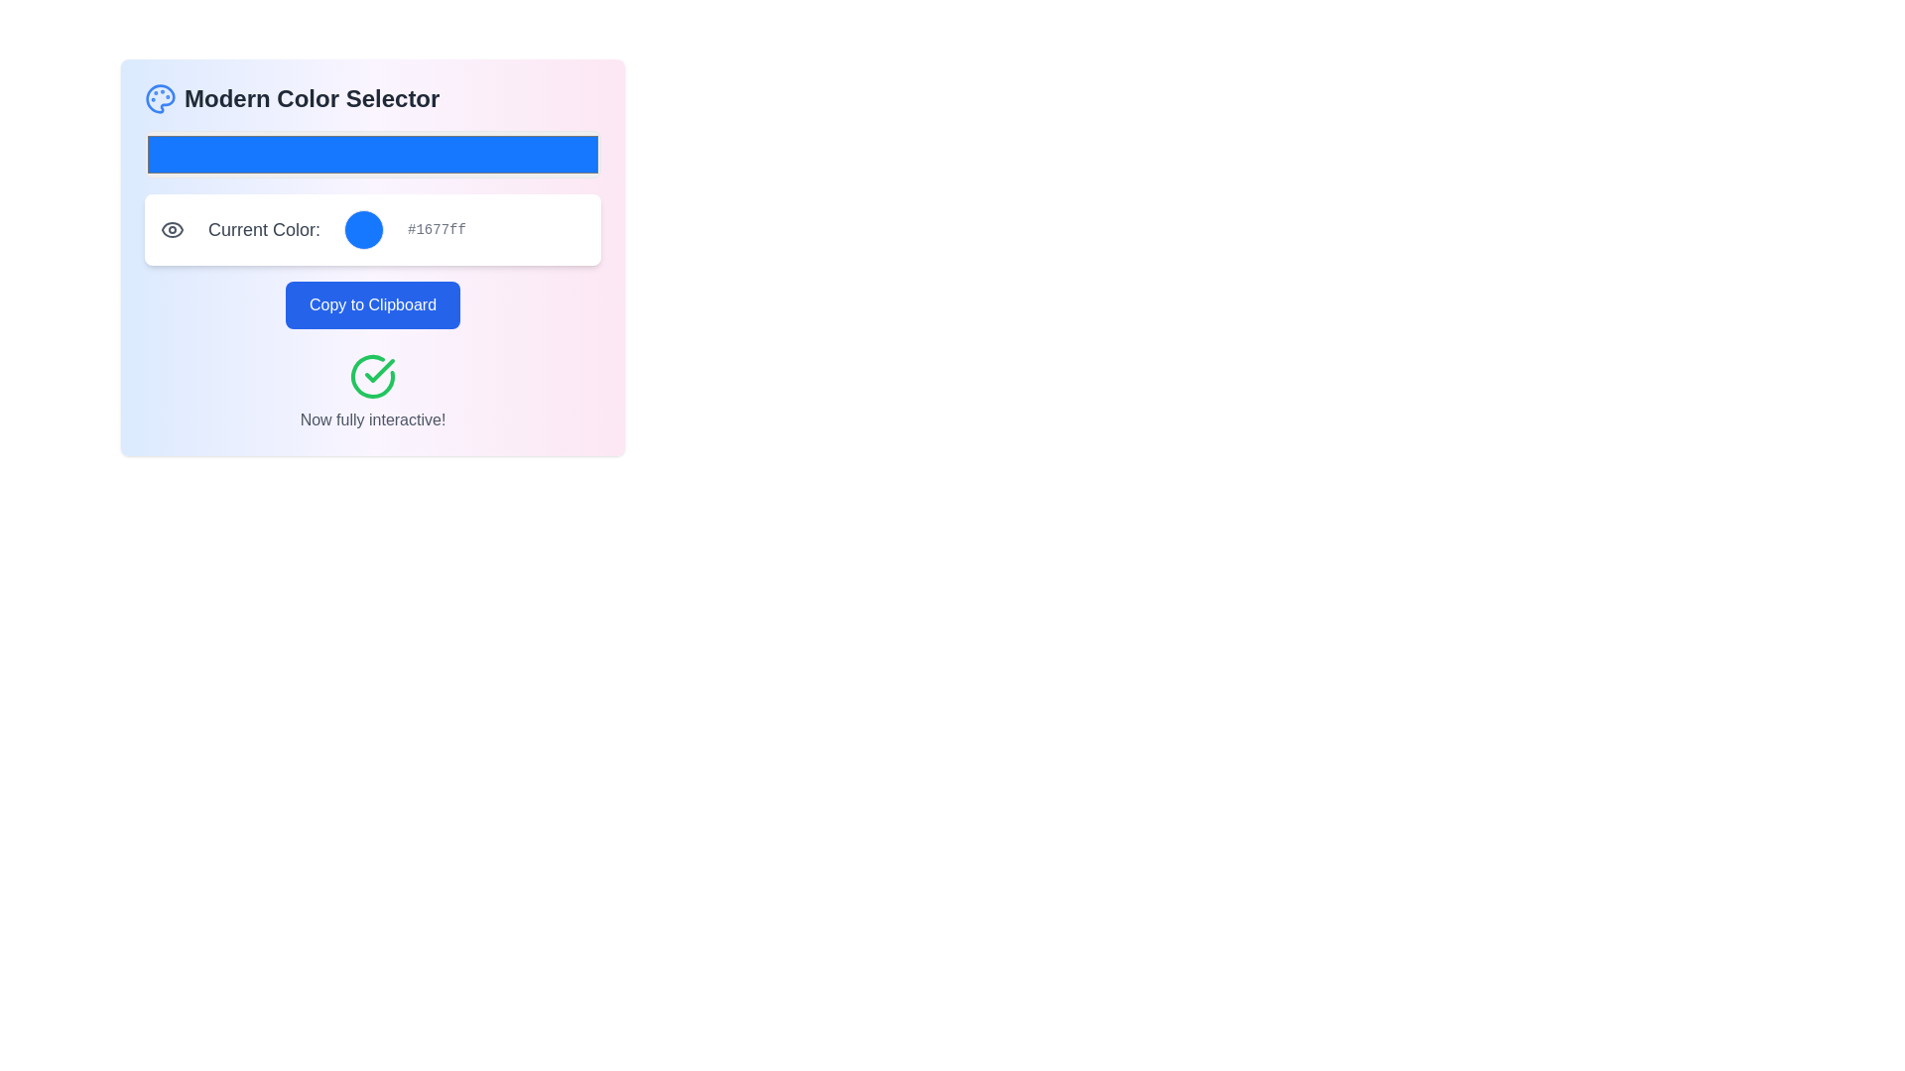 The image size is (1905, 1071). I want to click on the eye icon located at the leftmost position in the central content block, directly before the 'Current Color' label, so click(172, 228).